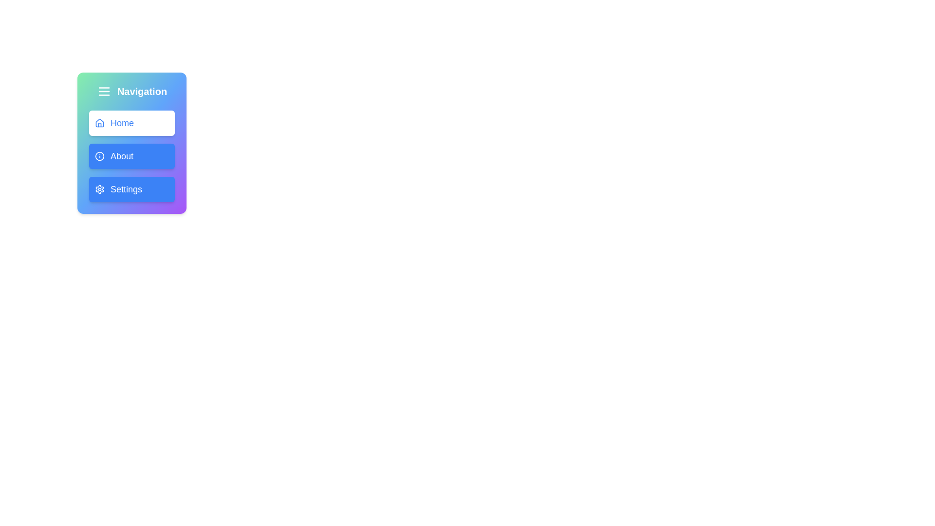 This screenshot has height=526, width=935. Describe the element at coordinates (142, 92) in the screenshot. I see `the bold text label 'Navigation' styled in white font located in the top section of a blue gradient sidebar interface` at that location.